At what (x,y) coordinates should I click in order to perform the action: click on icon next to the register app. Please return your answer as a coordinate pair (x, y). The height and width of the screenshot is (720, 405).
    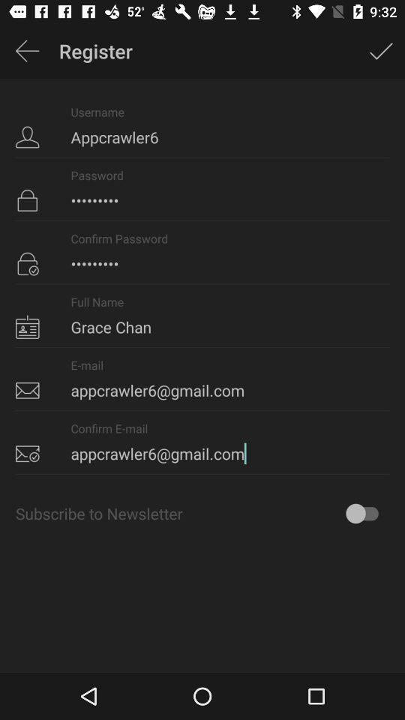
    Looking at the image, I should click on (381, 51).